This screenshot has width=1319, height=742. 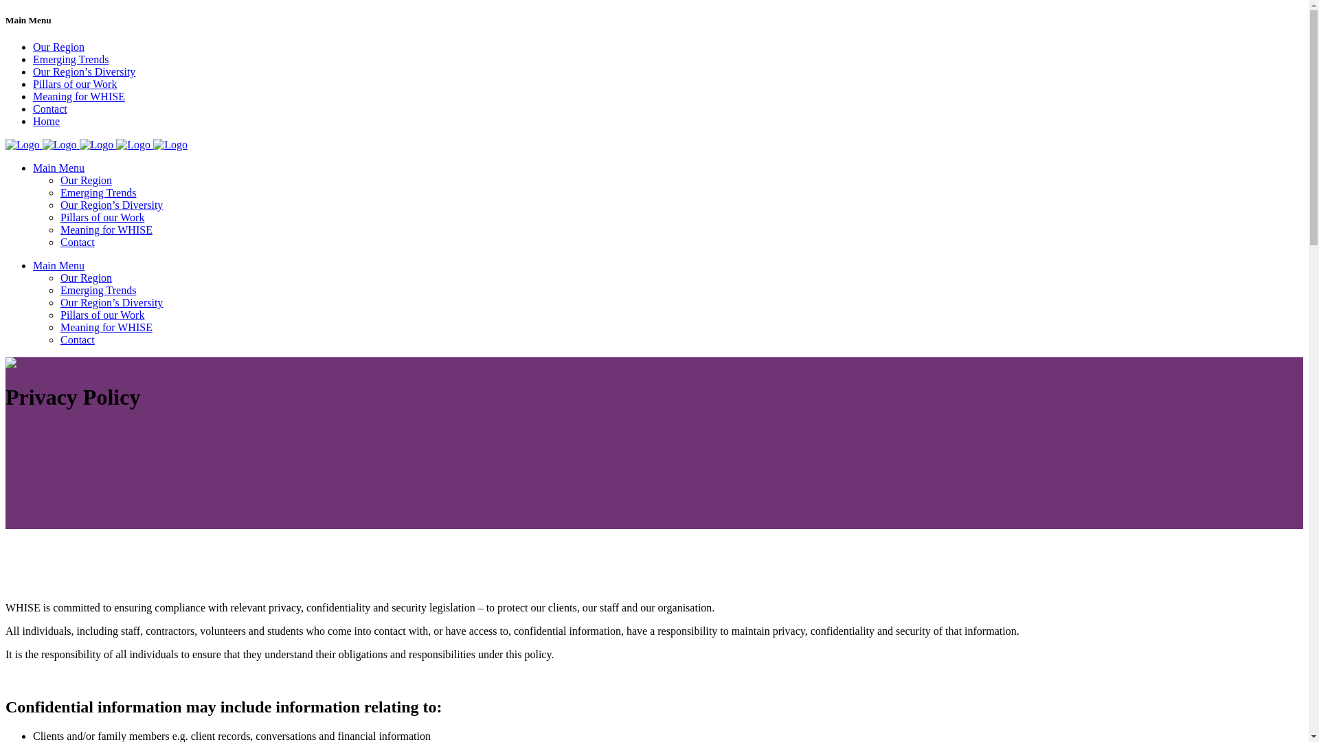 I want to click on 'Meaning for WHISE', so click(x=78, y=95).